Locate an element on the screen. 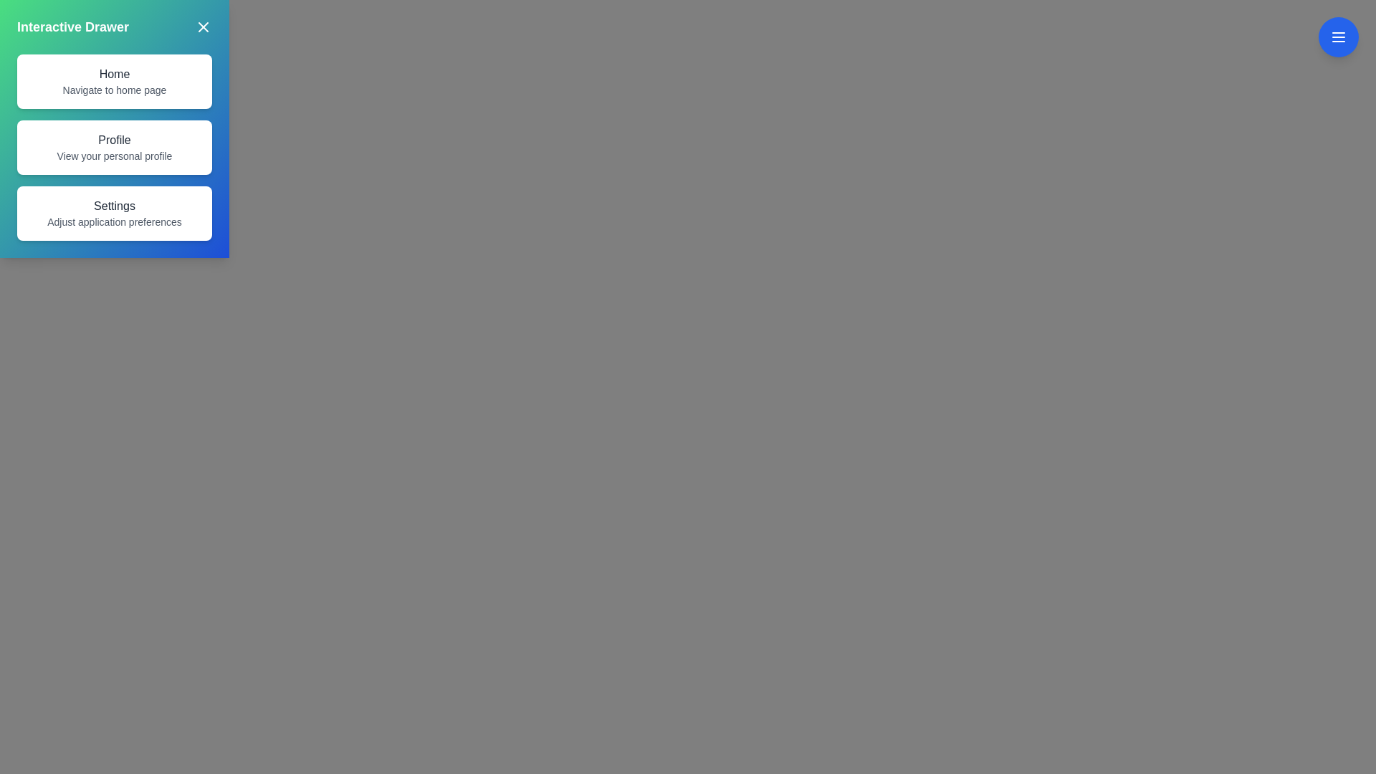 The height and width of the screenshot is (774, 1376). the small 'X' icon located in the top-right corner of the popup panel containing navigation options is located at coordinates (202, 27).